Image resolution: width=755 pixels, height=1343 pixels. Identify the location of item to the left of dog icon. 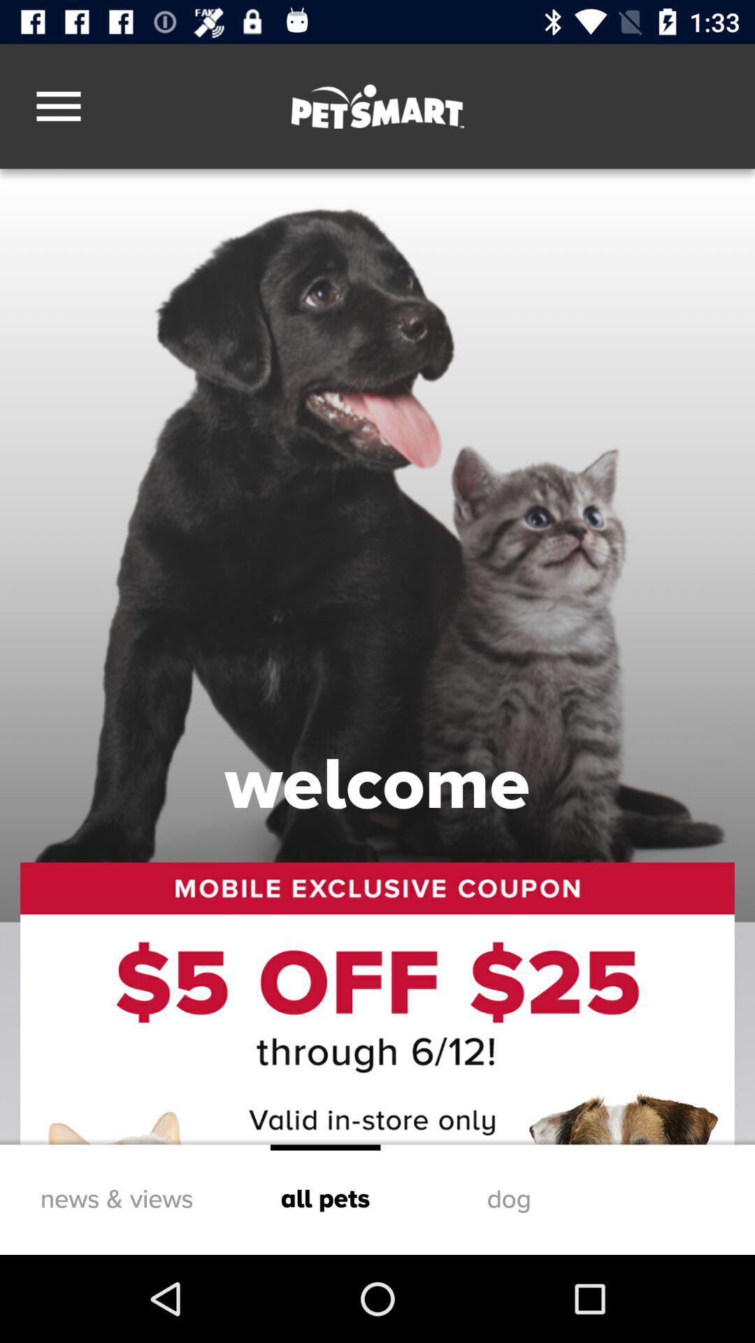
(325, 1199).